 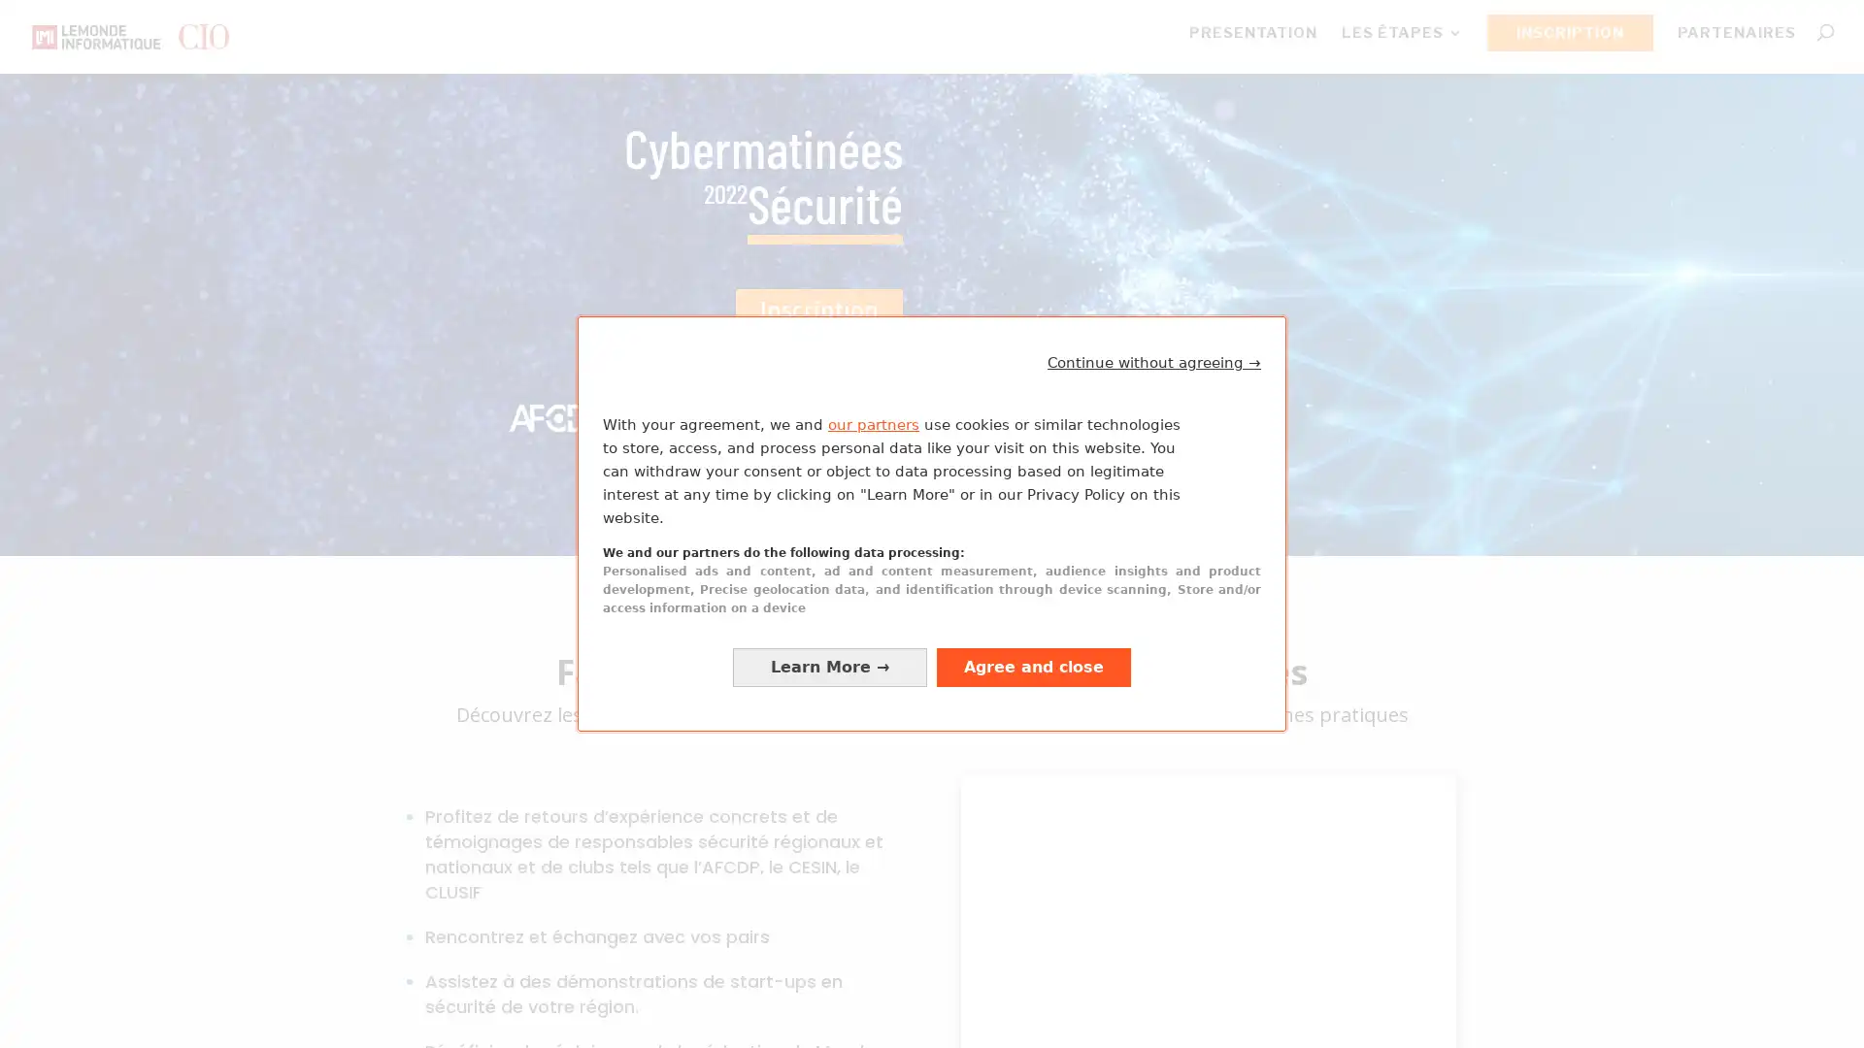 I want to click on Continue without agreeing, so click(x=1154, y=362).